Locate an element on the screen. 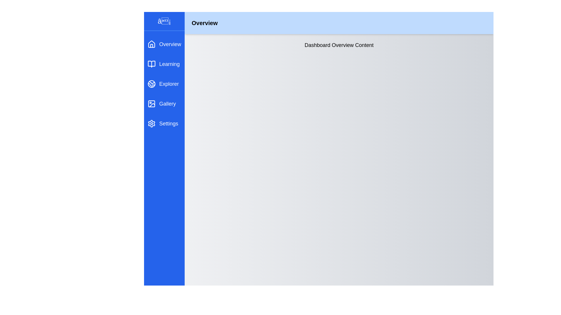 This screenshot has width=561, height=315. the static text element that reads 'Dashboard Overview Content', which is positioned in a light gray area below a light blue top navigation bar is located at coordinates (339, 45).